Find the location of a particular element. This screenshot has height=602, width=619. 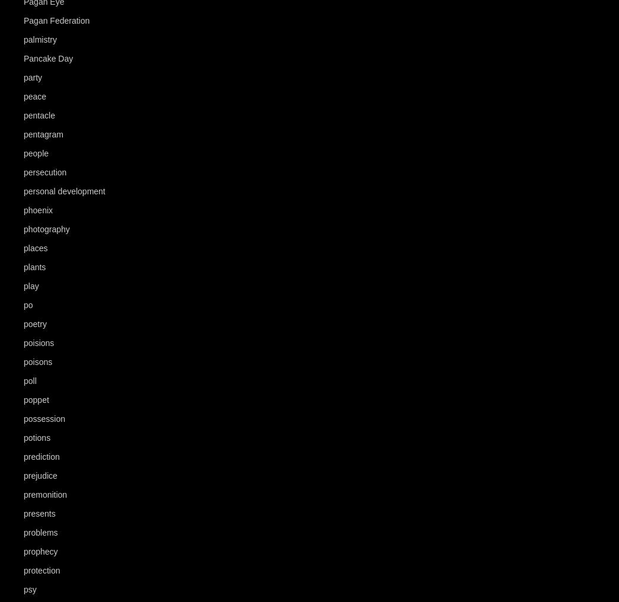

'po' is located at coordinates (27, 305).